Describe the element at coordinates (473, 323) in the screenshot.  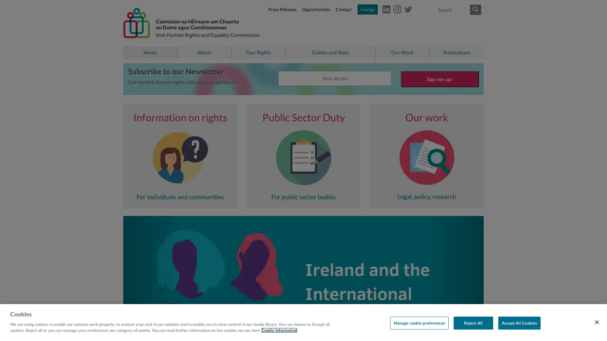
I see `Reject All` at that location.